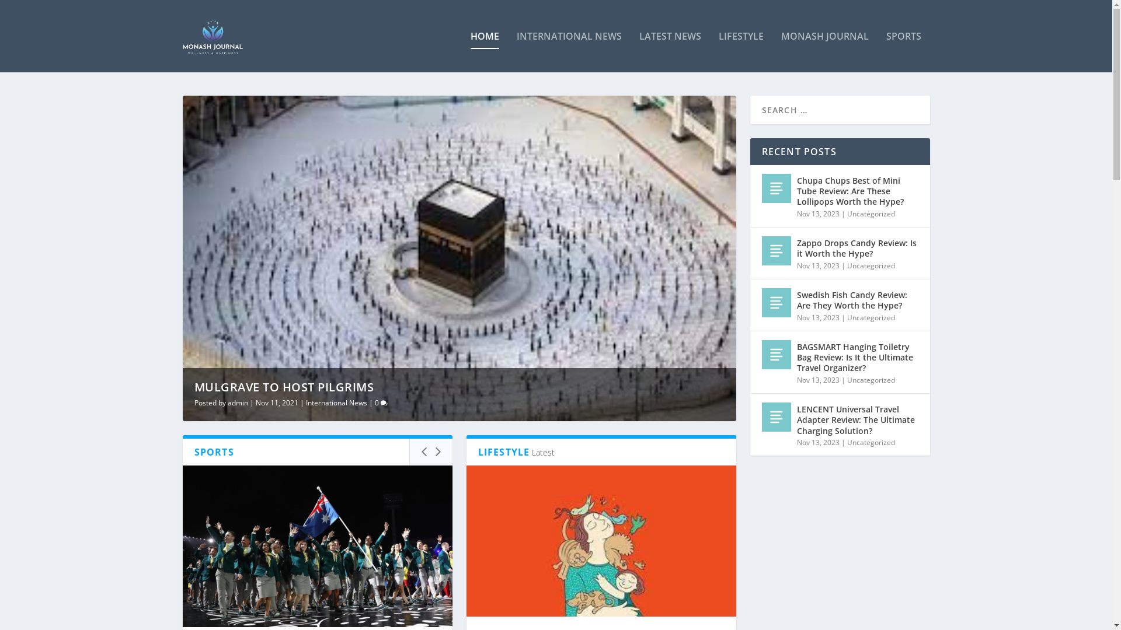  I want to click on 'Uncategorized', so click(871, 213).